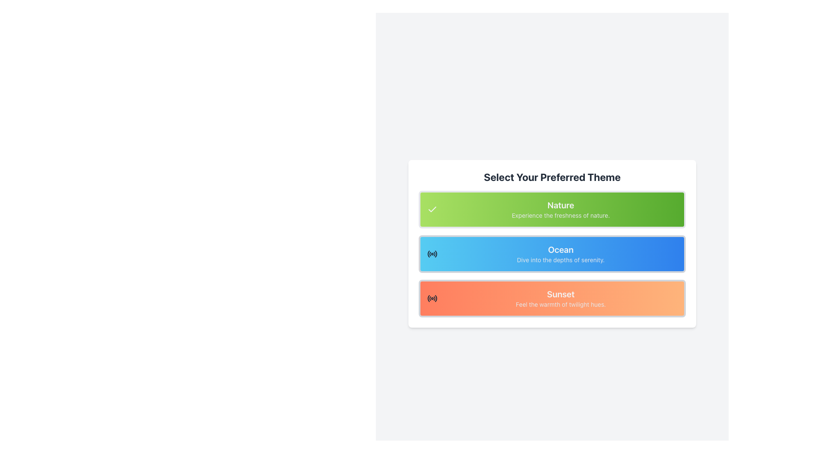 The image size is (822, 462). Describe the element at coordinates (561, 260) in the screenshot. I see `the text label that reads 'Dive into the depths of serenity.' located below the 'Ocean' header in the blue box of the theme selection options` at that location.